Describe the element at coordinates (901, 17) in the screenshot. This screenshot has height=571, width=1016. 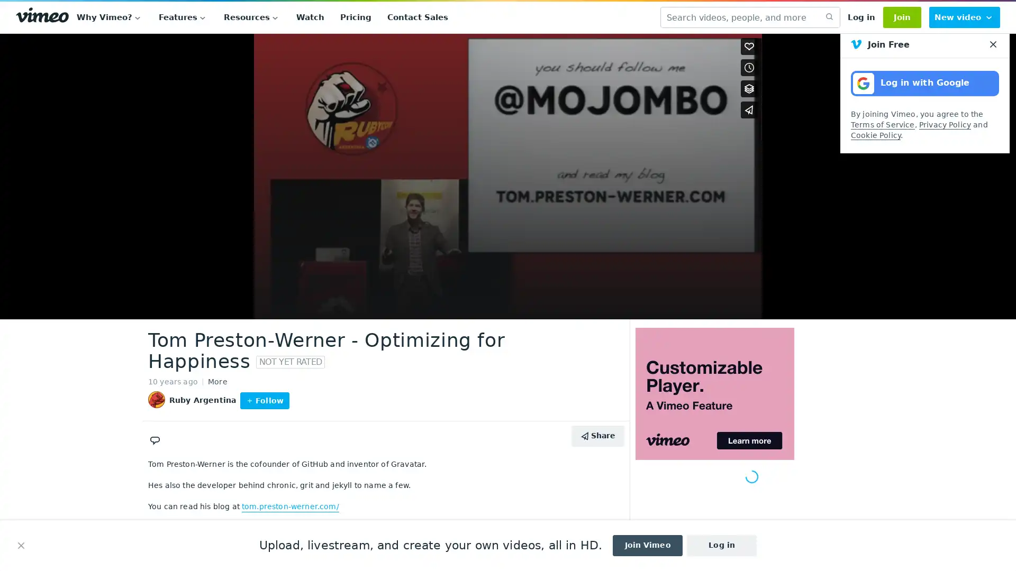
I see `Join` at that location.